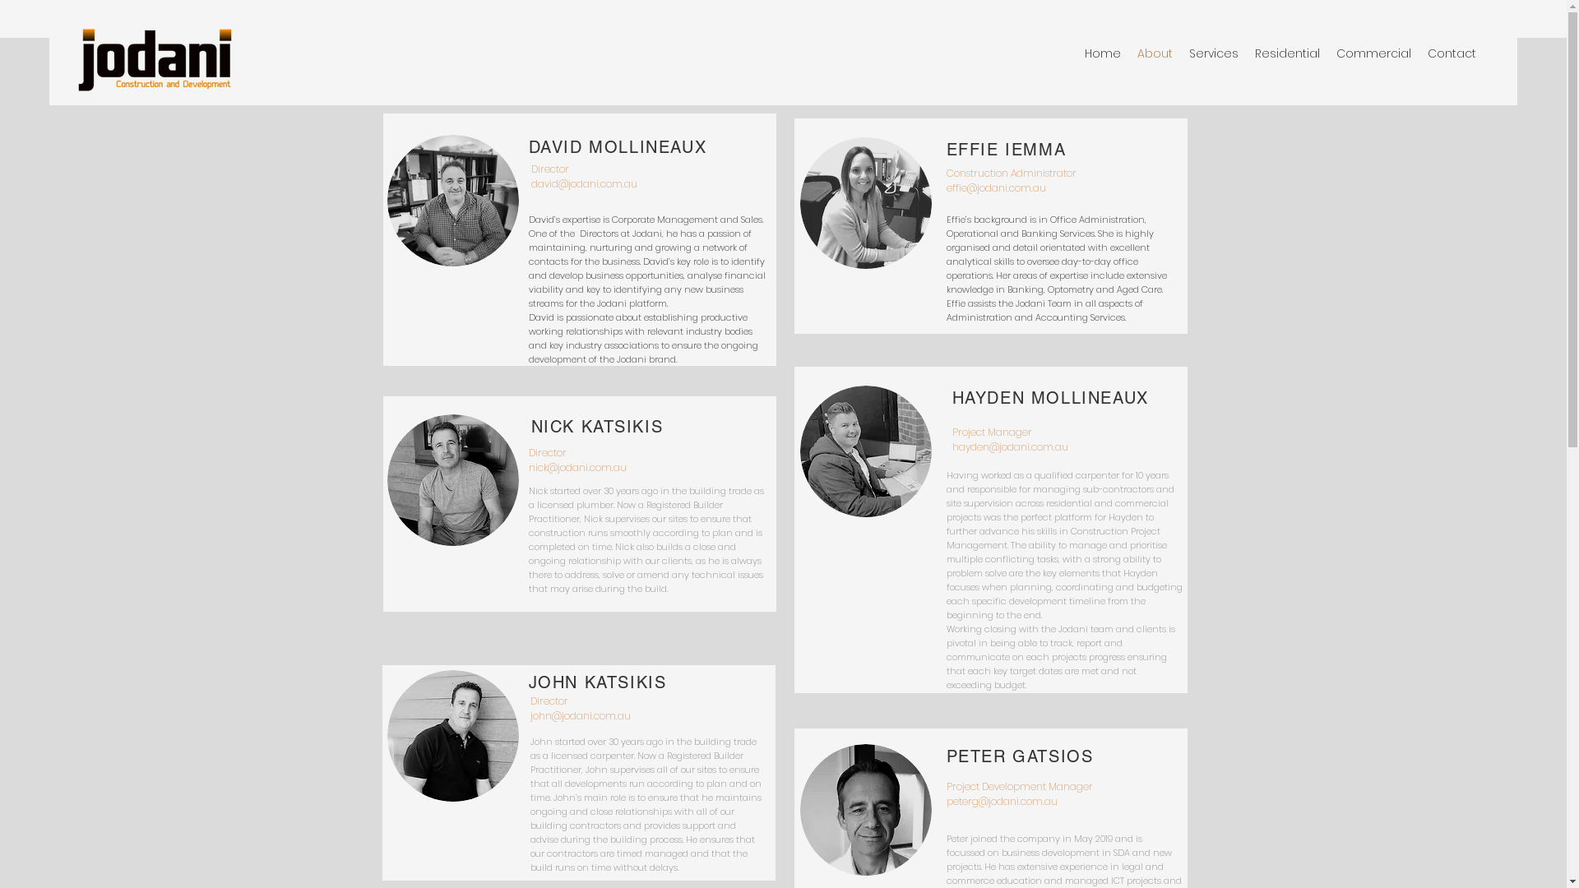 The image size is (1579, 888). Describe the element at coordinates (1154, 53) in the screenshot. I see `'About'` at that location.